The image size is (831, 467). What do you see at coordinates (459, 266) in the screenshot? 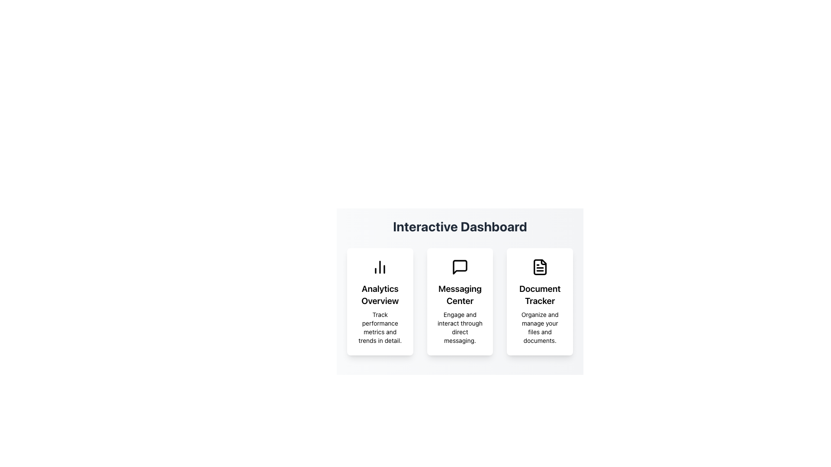
I see `the chat bubble icon located in the 'Messaging Center' card, which is the central card among three horizontally aligned cards` at bounding box center [459, 266].